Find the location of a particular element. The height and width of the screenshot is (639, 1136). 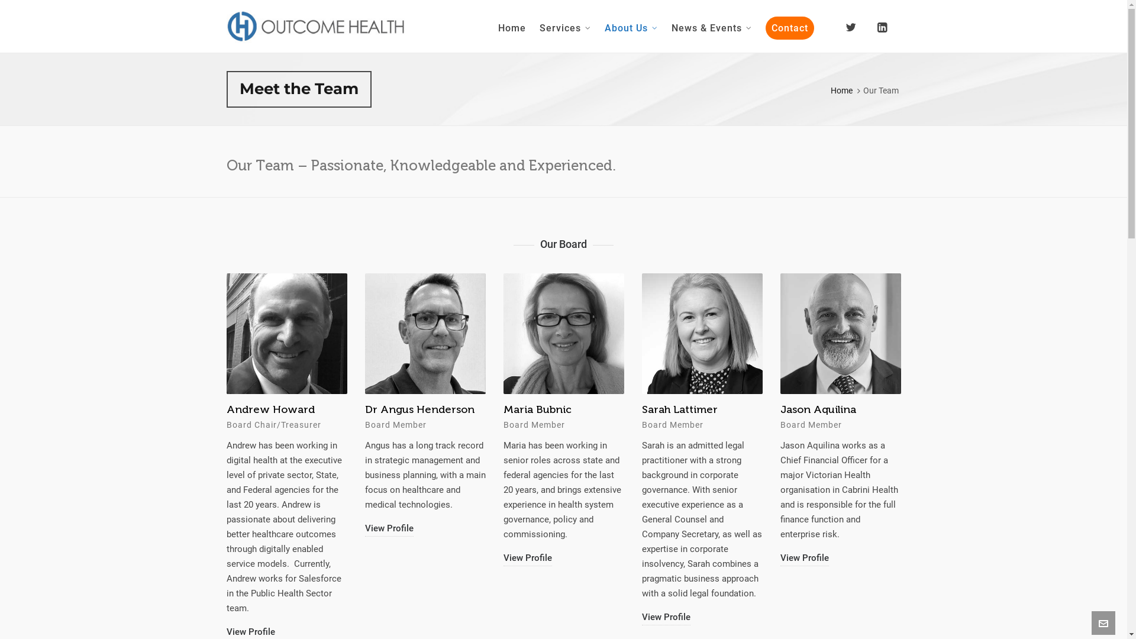

'Contact' is located at coordinates (789, 27).